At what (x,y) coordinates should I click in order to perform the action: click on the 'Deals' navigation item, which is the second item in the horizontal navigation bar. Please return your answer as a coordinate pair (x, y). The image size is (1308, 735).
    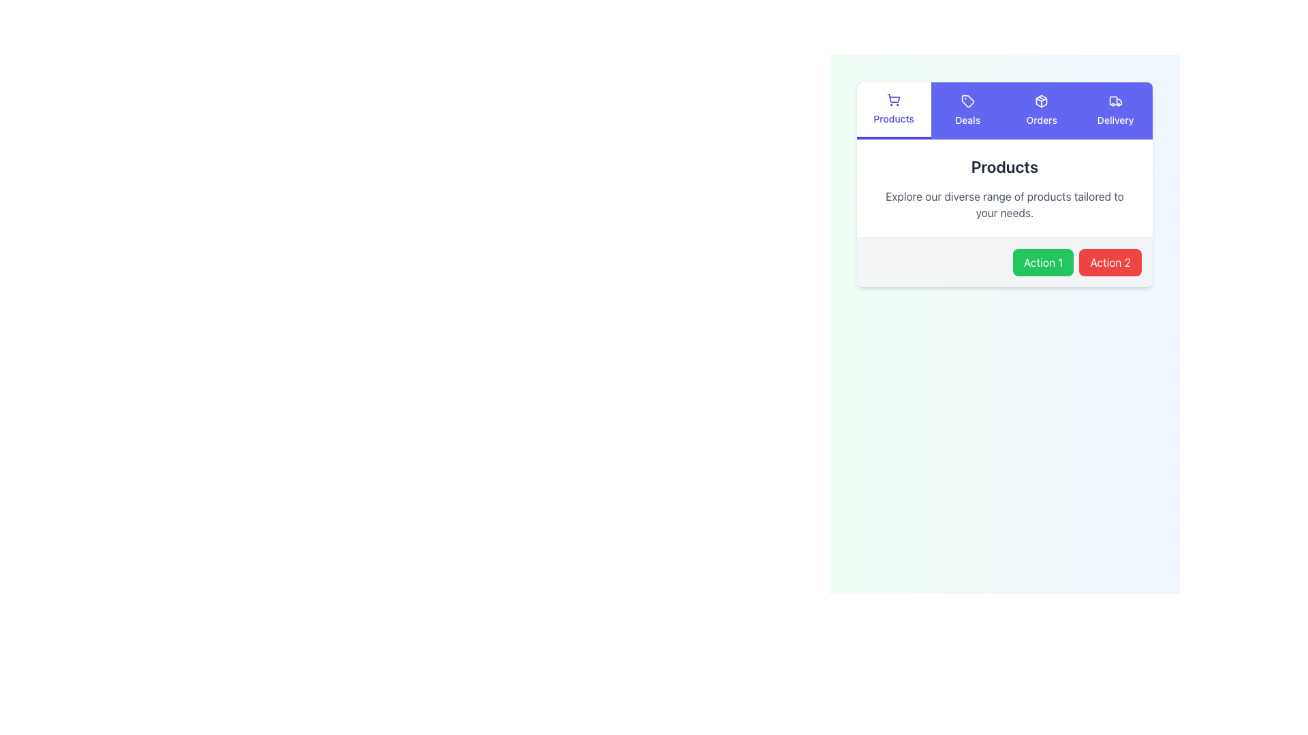
    Looking at the image, I should click on (967, 110).